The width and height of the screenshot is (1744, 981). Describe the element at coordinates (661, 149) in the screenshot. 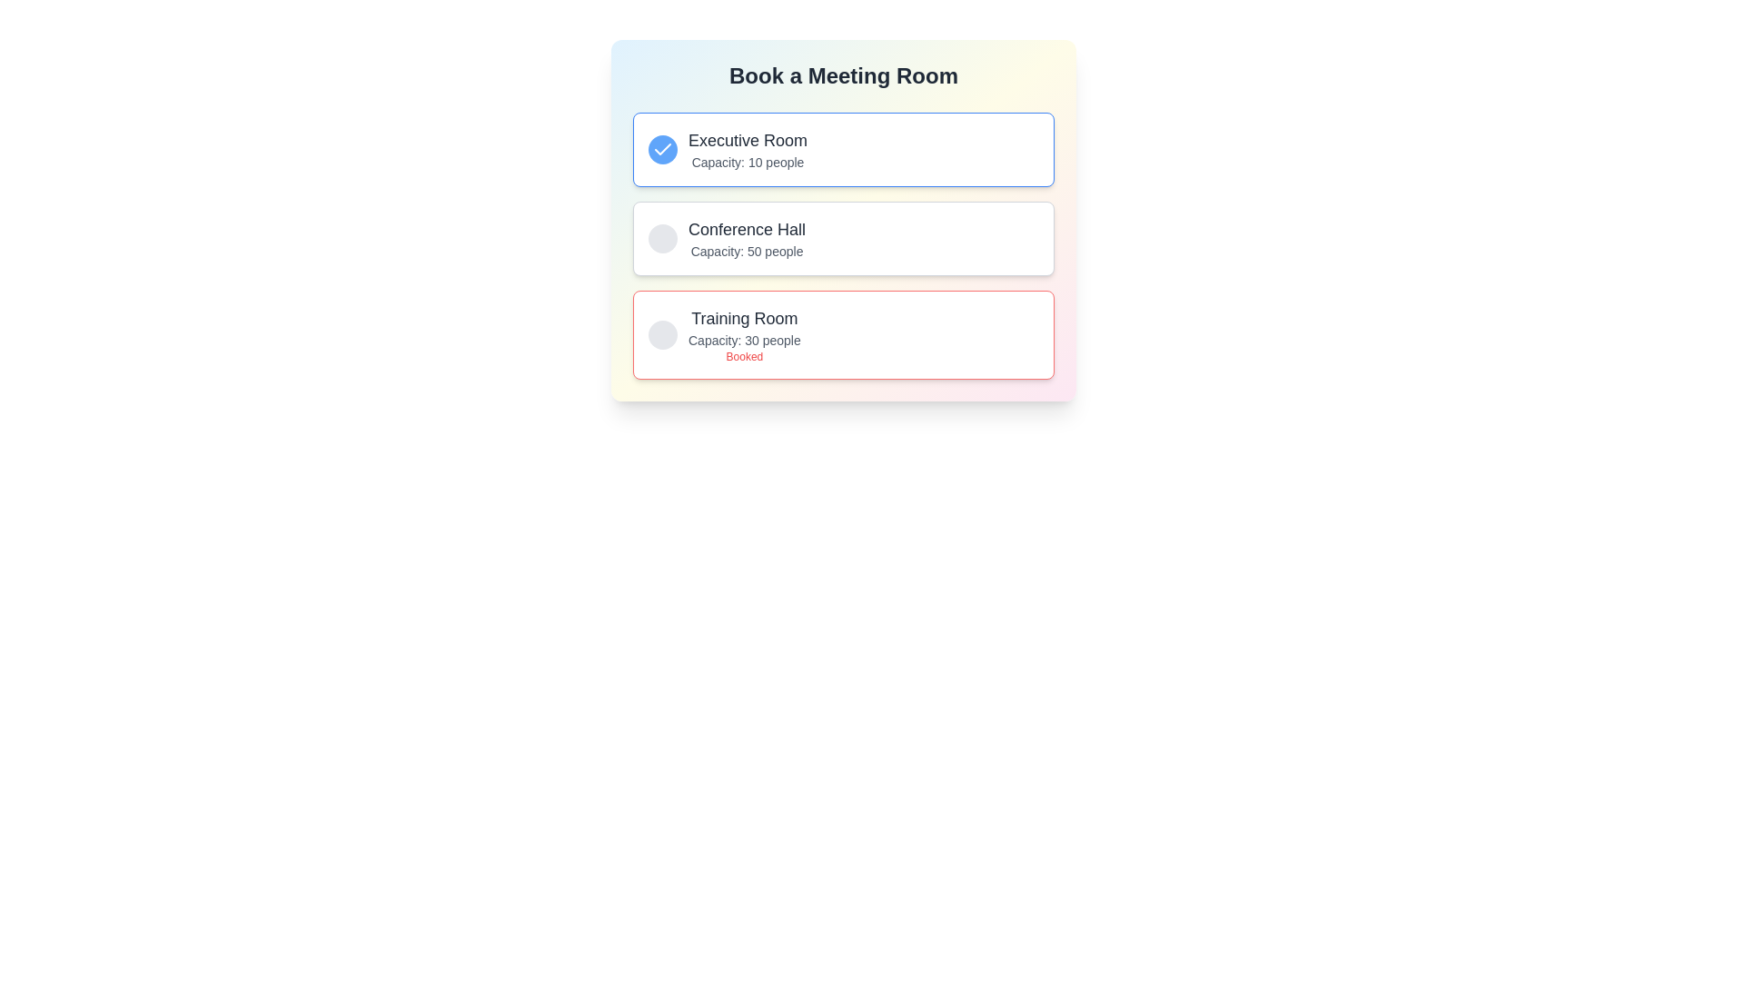

I see `the circular blue button that indicates selection for the 'Executive Room' option, located in the first row of the vertical list` at that location.